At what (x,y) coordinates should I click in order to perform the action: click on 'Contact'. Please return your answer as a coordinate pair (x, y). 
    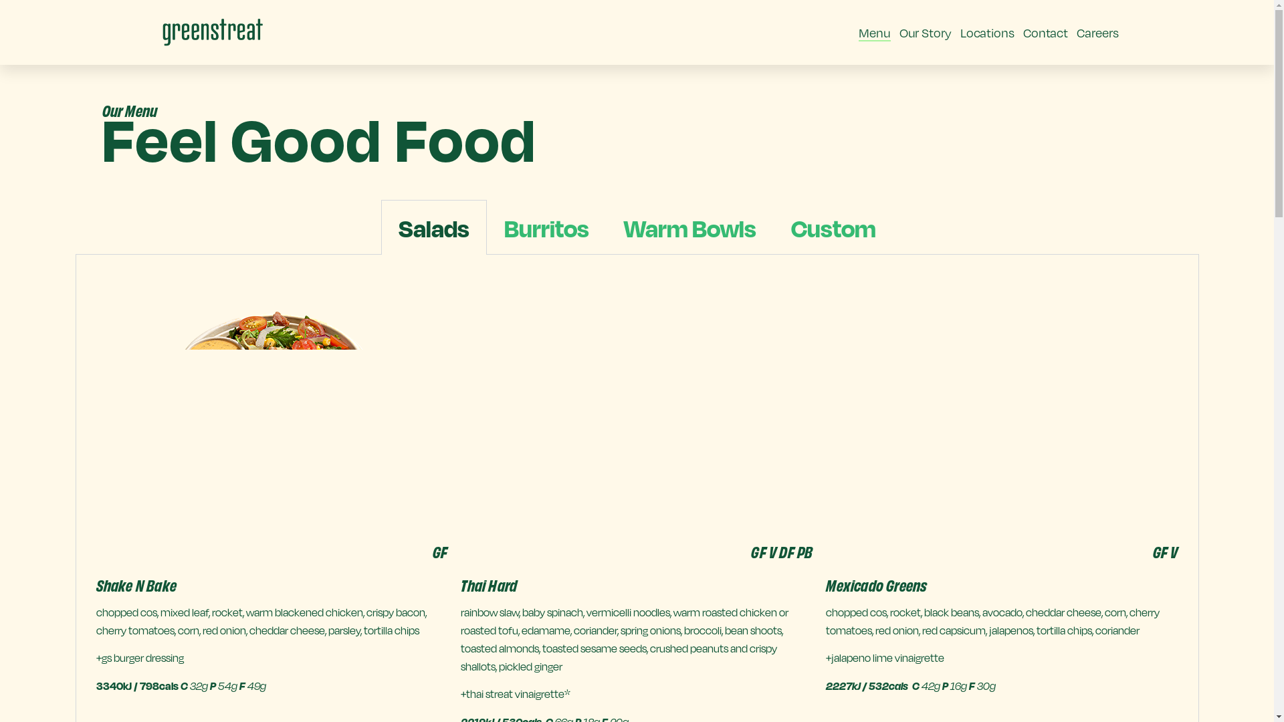
    Looking at the image, I should click on (1045, 32).